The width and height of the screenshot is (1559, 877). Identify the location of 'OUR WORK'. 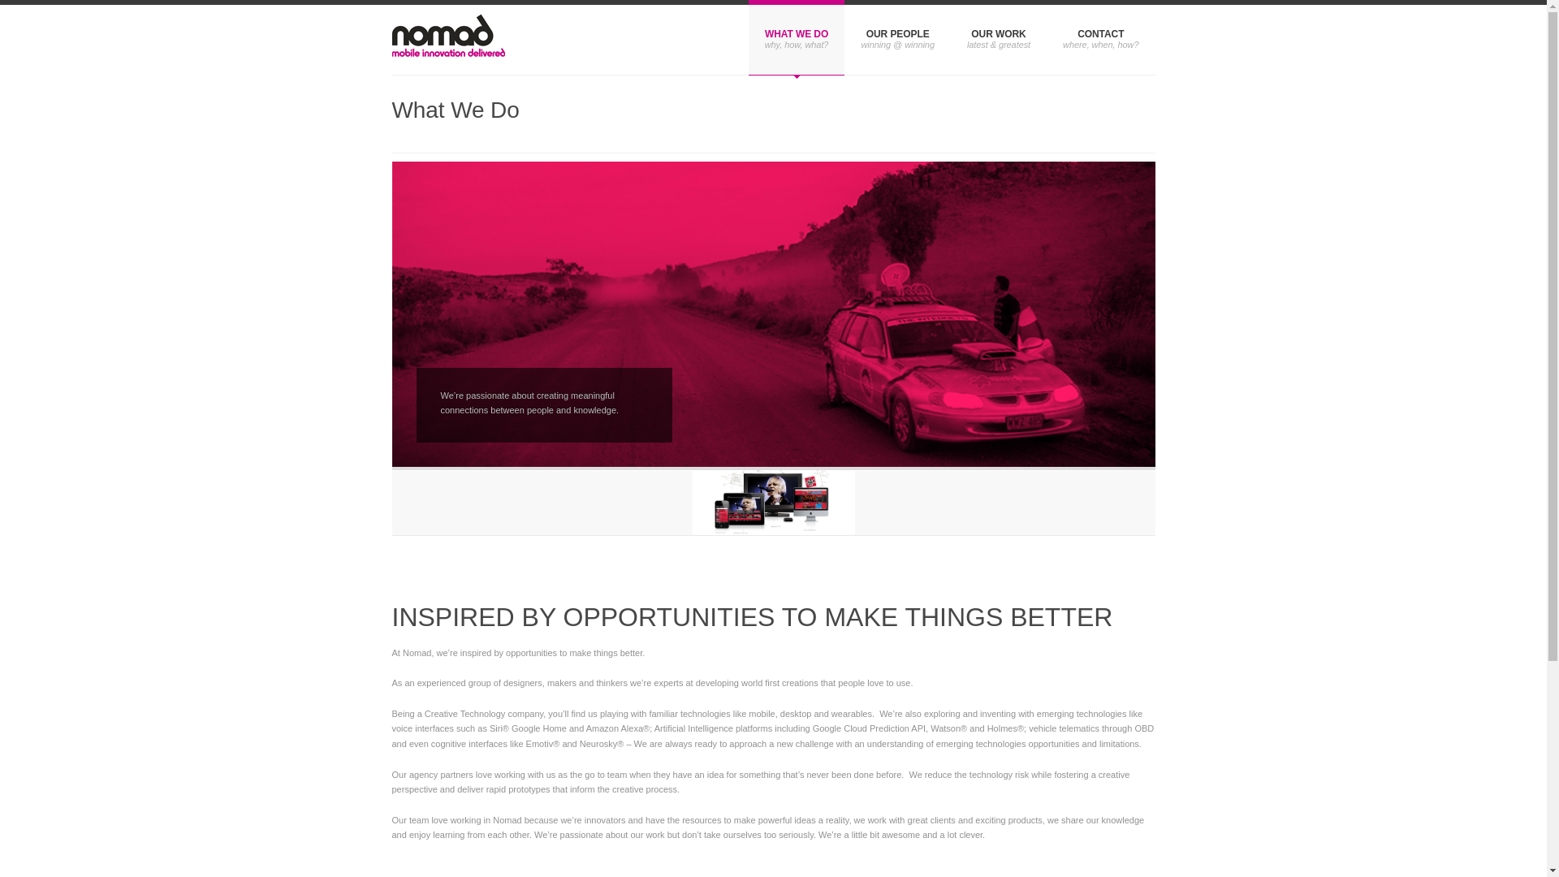
(997, 37).